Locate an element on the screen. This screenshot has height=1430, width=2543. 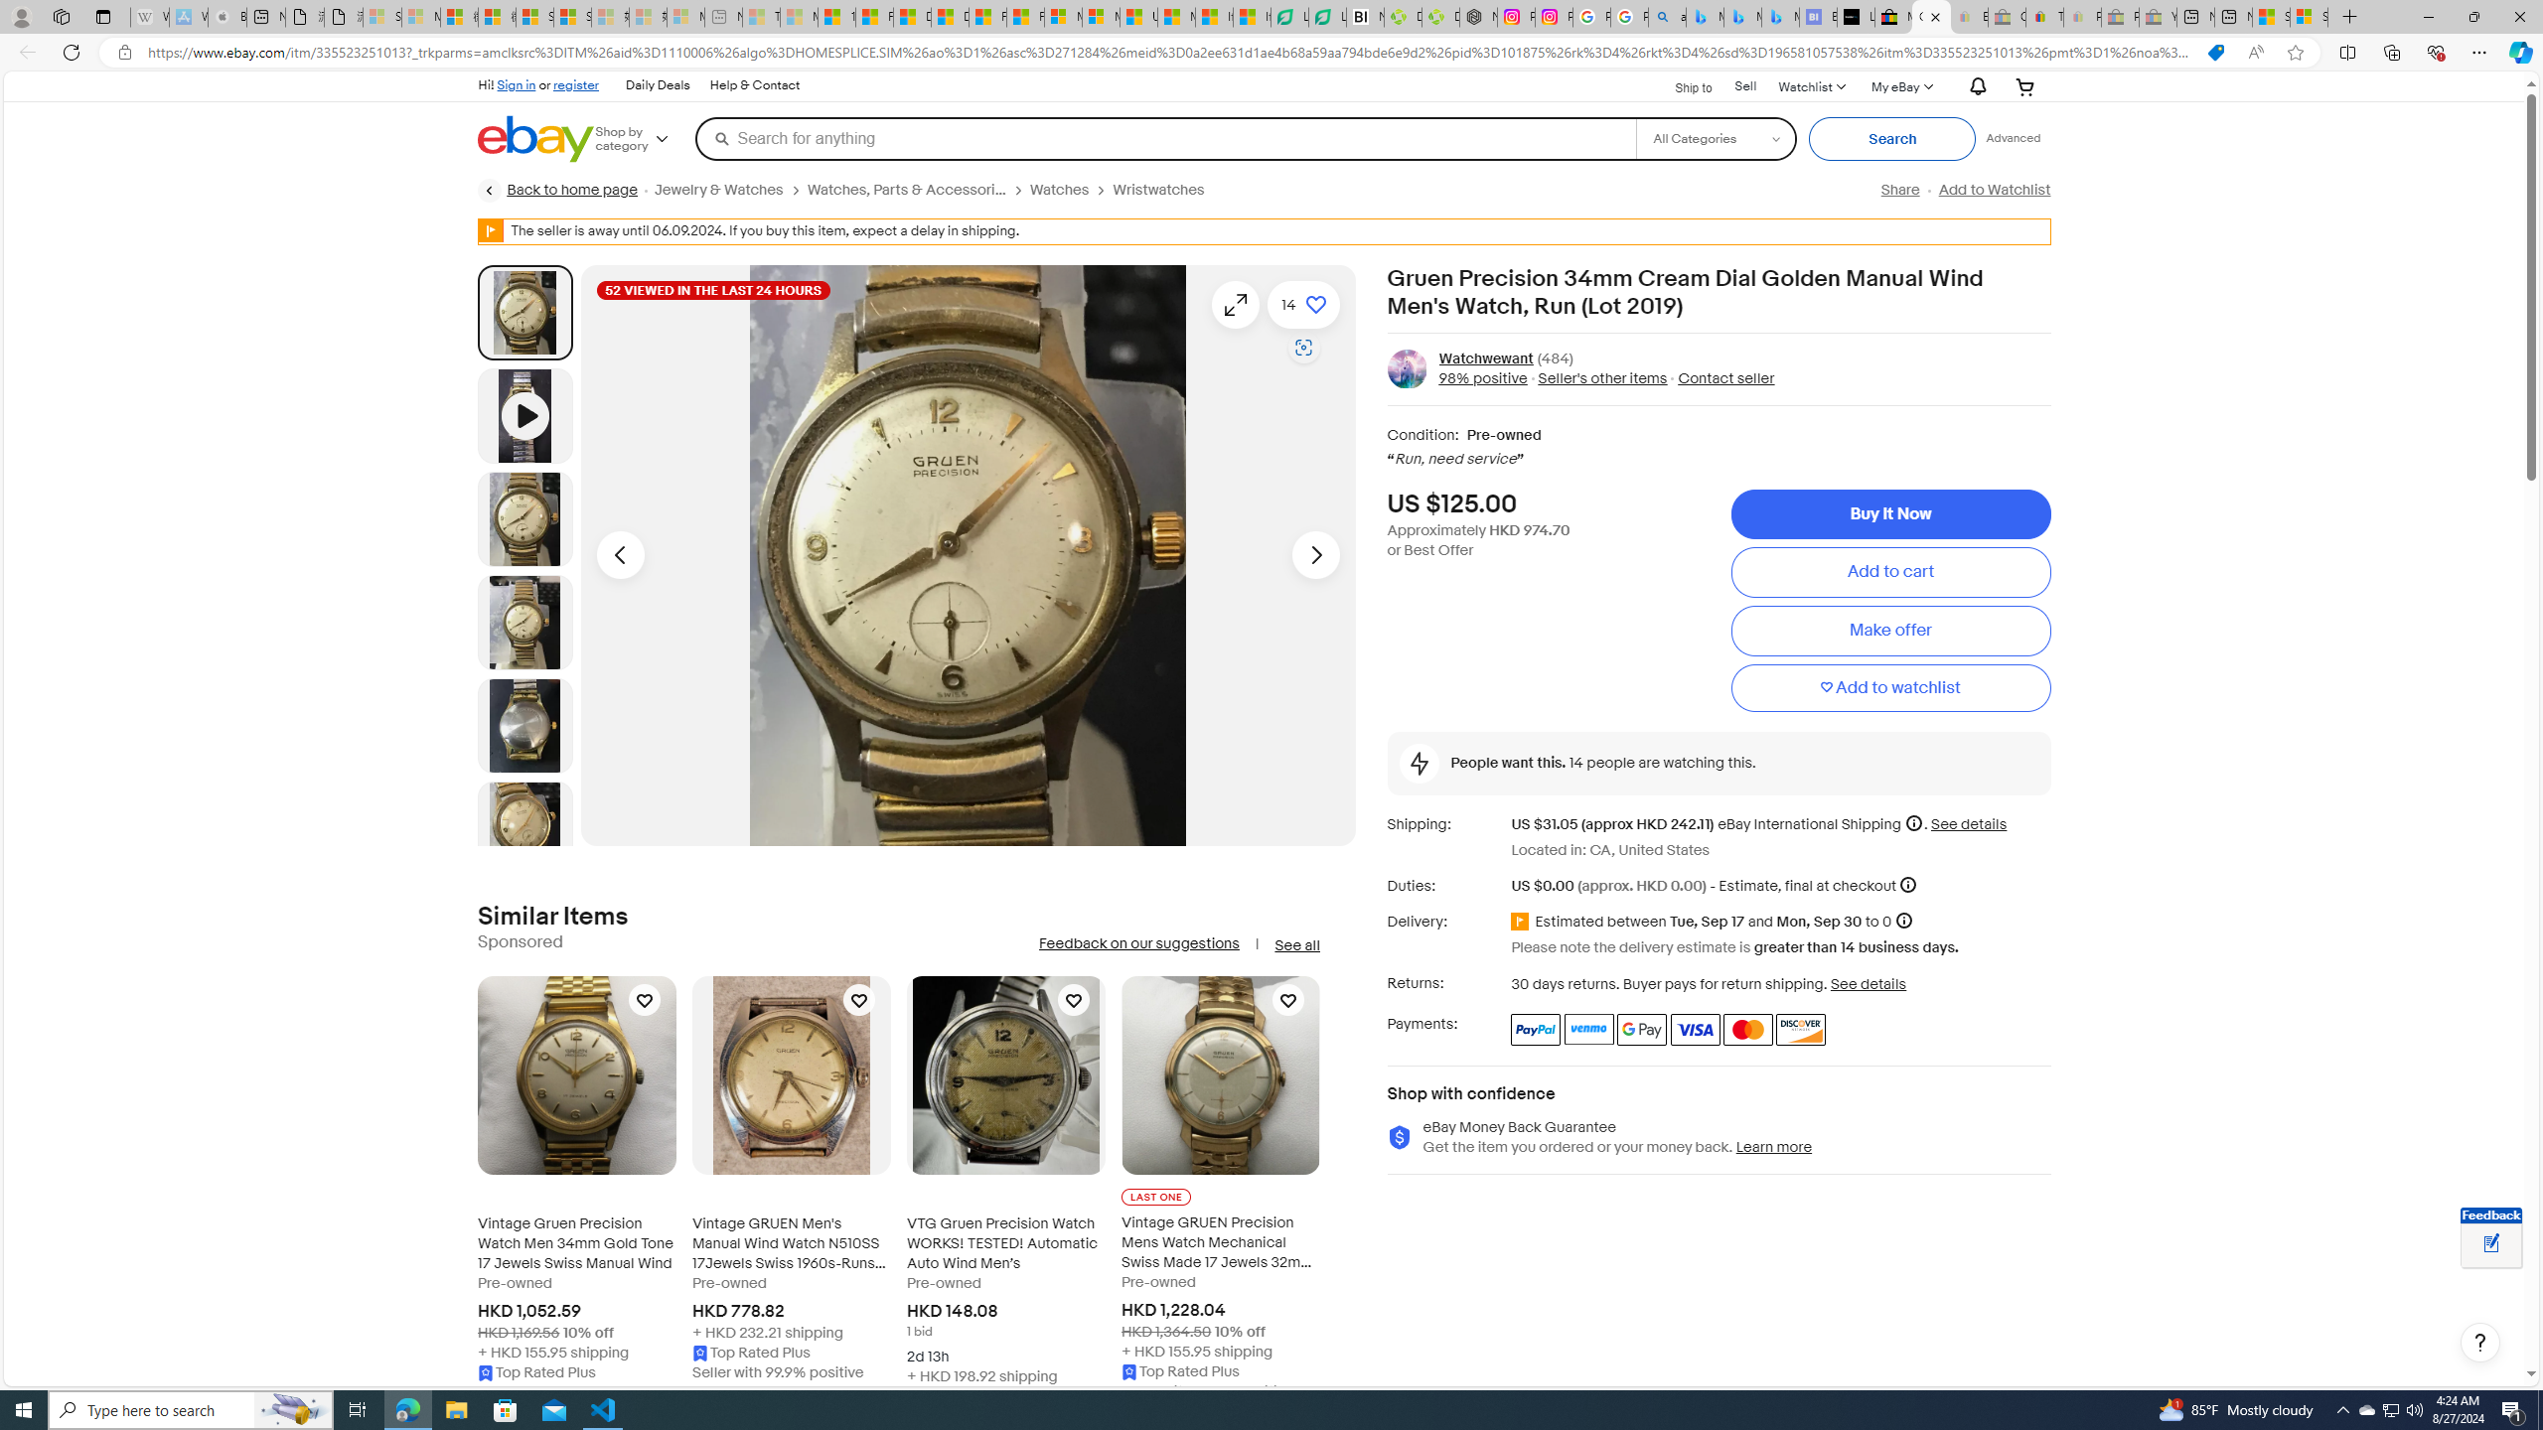
'Jewelry & Watches' is located at coordinates (717, 190).